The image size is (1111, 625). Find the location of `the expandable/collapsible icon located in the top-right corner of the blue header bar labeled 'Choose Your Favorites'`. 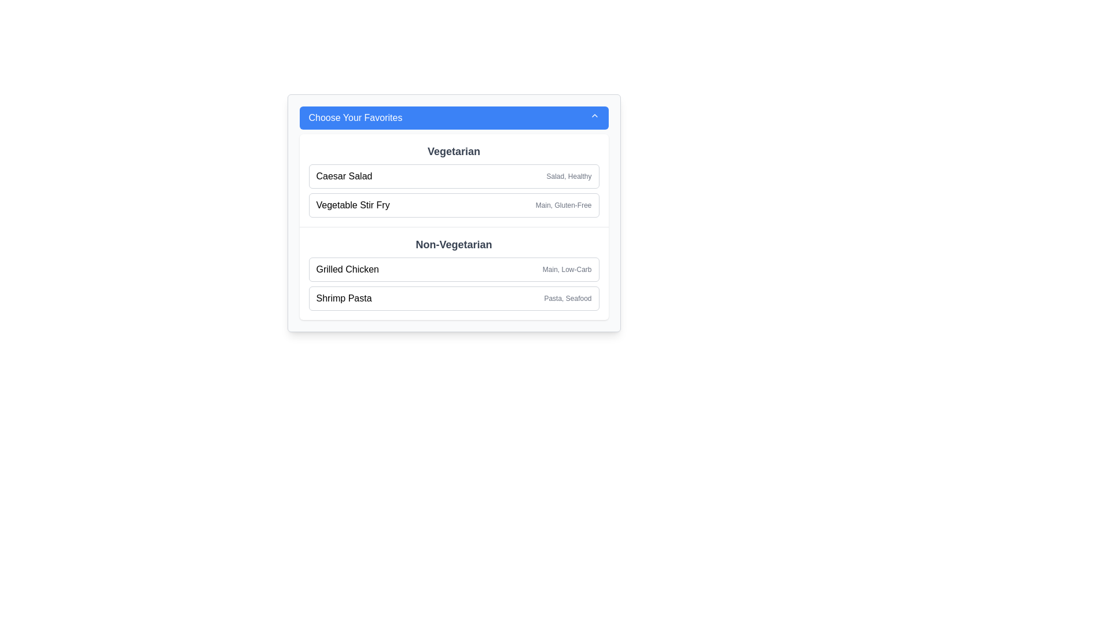

the expandable/collapsible icon located in the top-right corner of the blue header bar labeled 'Choose Your Favorites' is located at coordinates (594, 116).